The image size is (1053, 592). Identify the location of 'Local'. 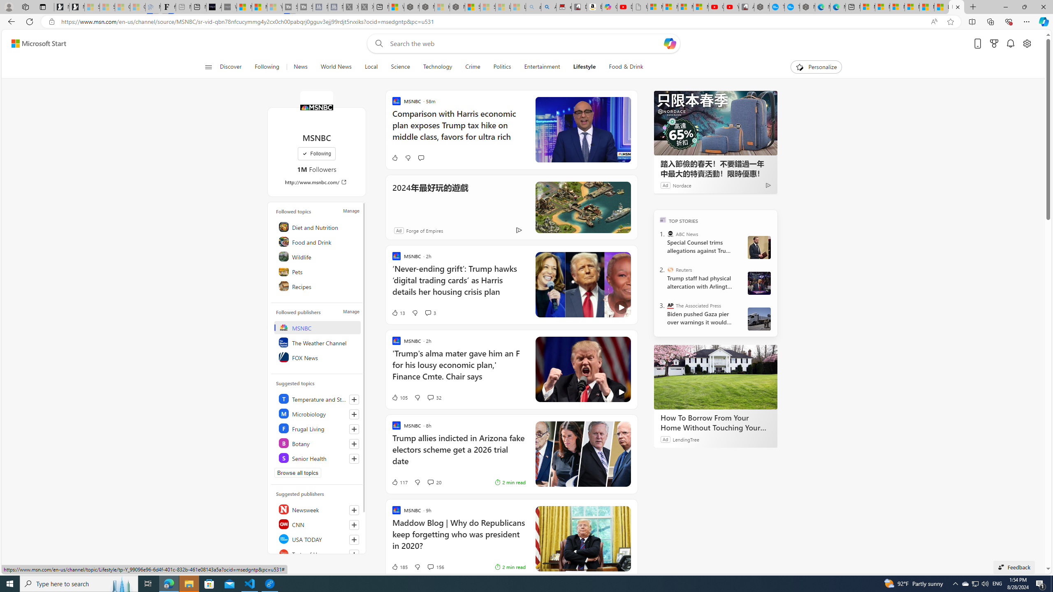
(371, 67).